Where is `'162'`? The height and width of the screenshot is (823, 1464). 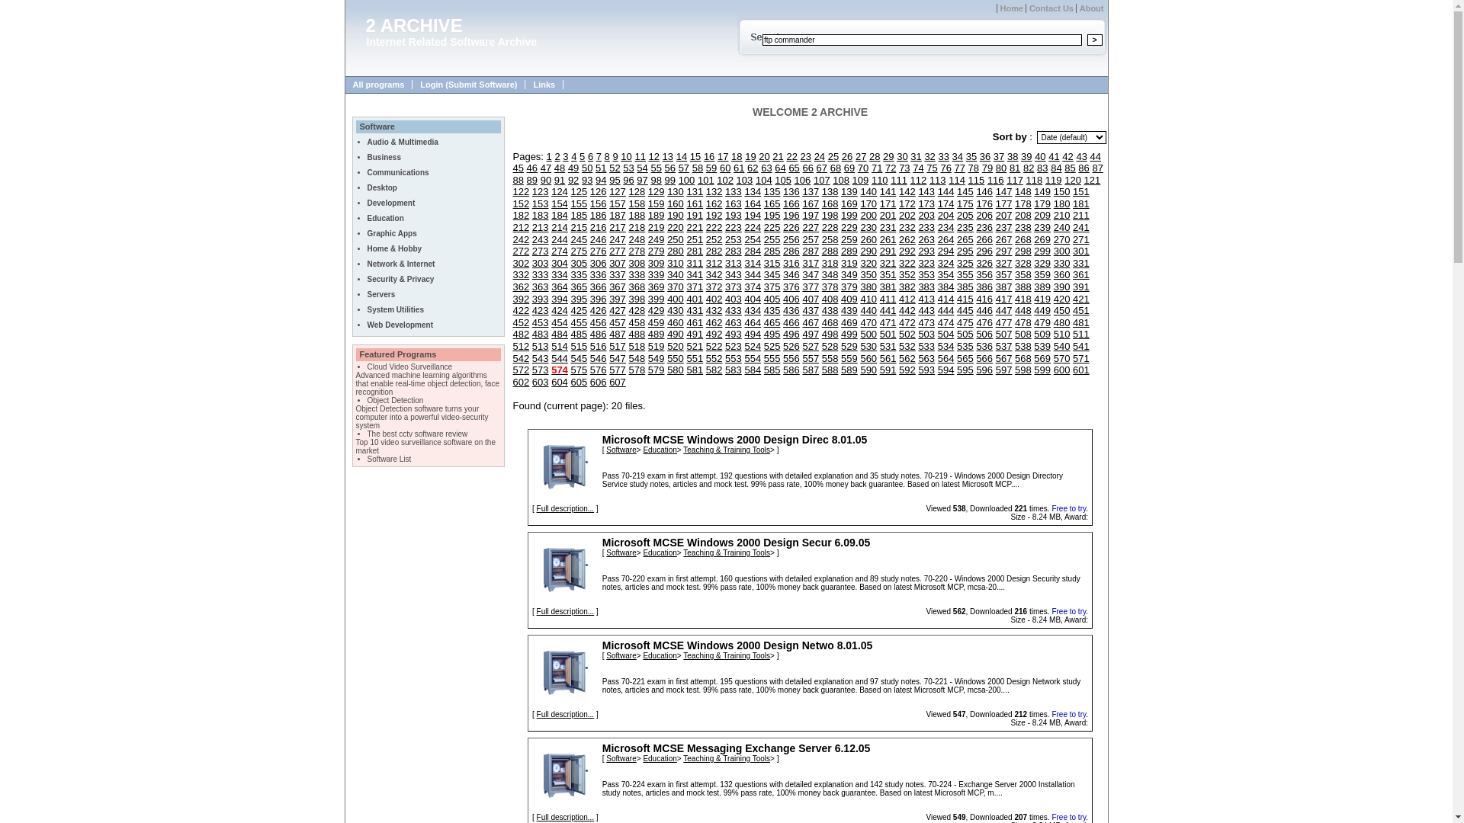 '162' is located at coordinates (705, 203).